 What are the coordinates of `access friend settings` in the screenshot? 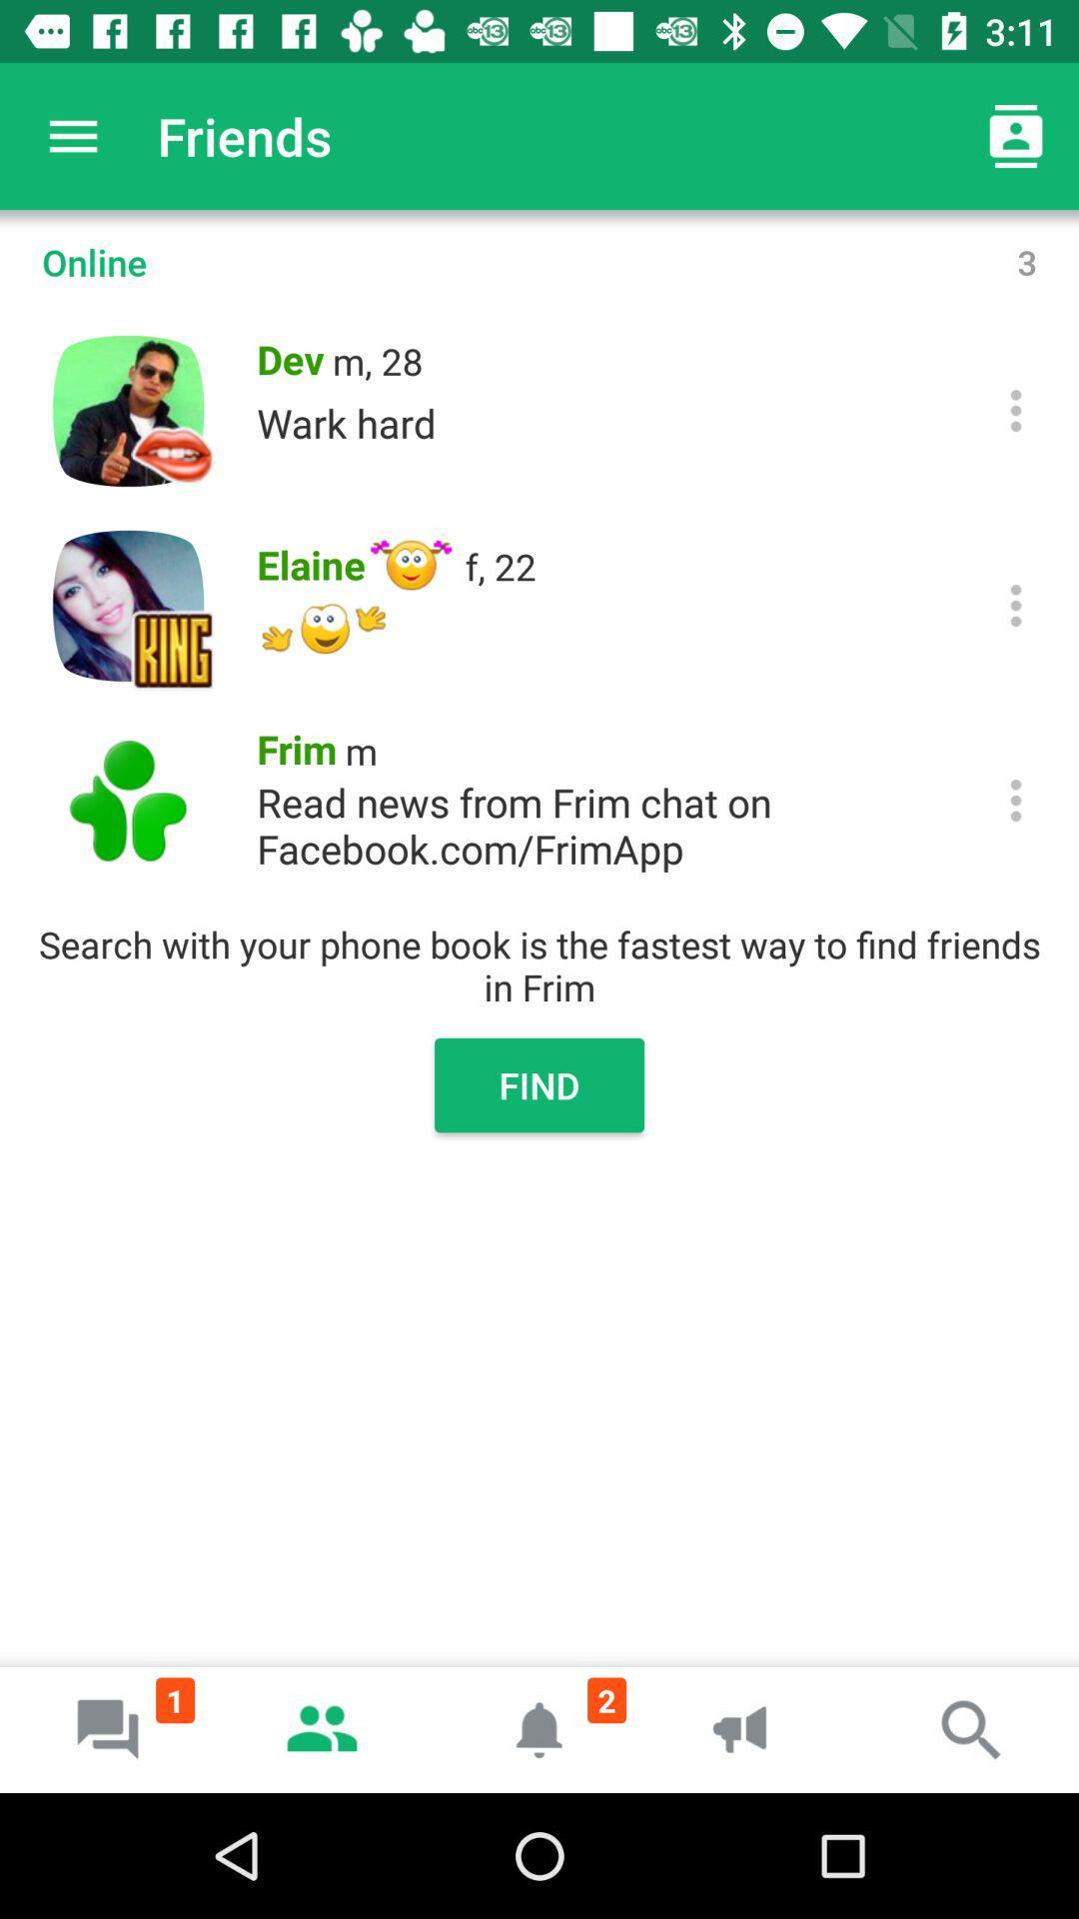 It's located at (1016, 410).